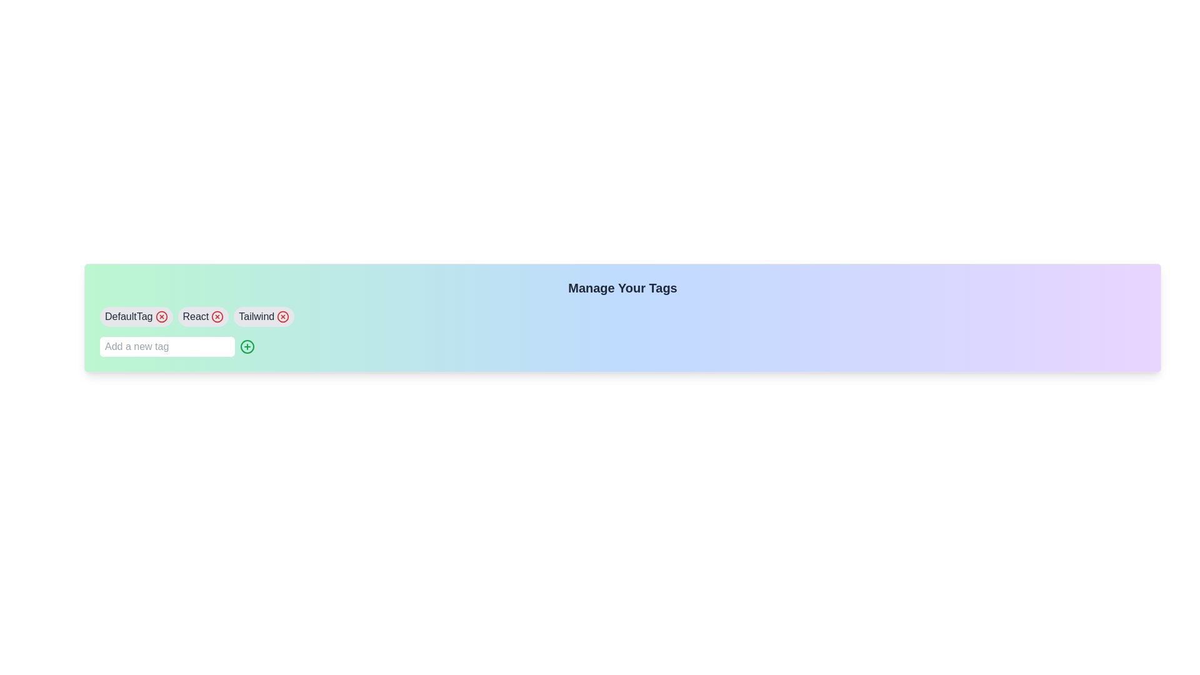 The width and height of the screenshot is (1200, 675). I want to click on the 'React' tag with a delete button, so click(203, 316).